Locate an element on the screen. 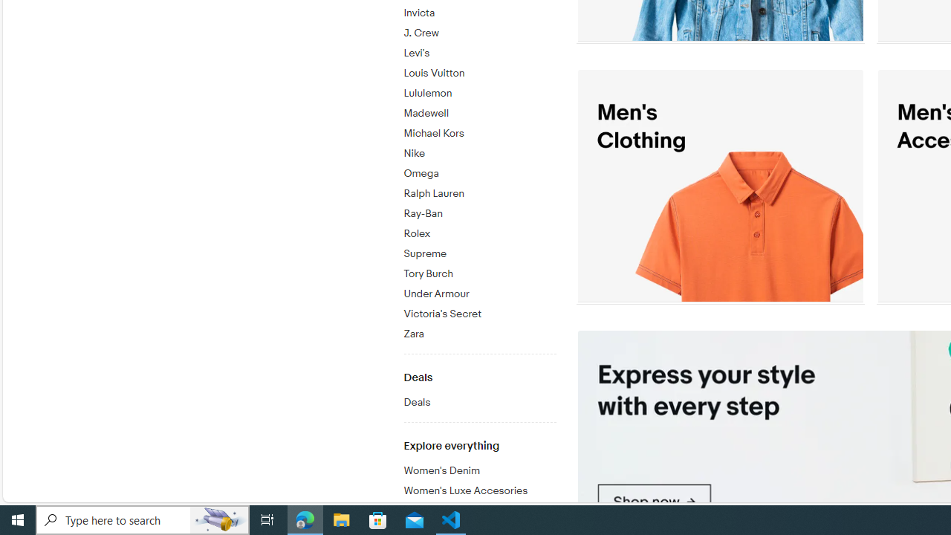  'Omega' is located at coordinates (479, 173).